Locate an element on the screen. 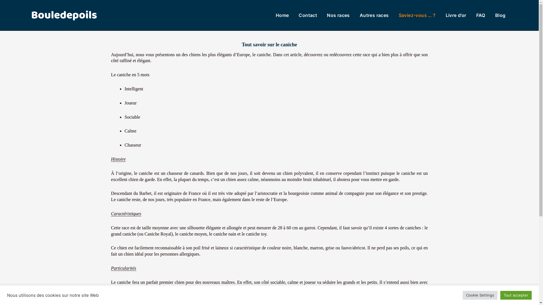 Image resolution: width=543 pixels, height=305 pixels. 'Autres races' is located at coordinates (359, 15).